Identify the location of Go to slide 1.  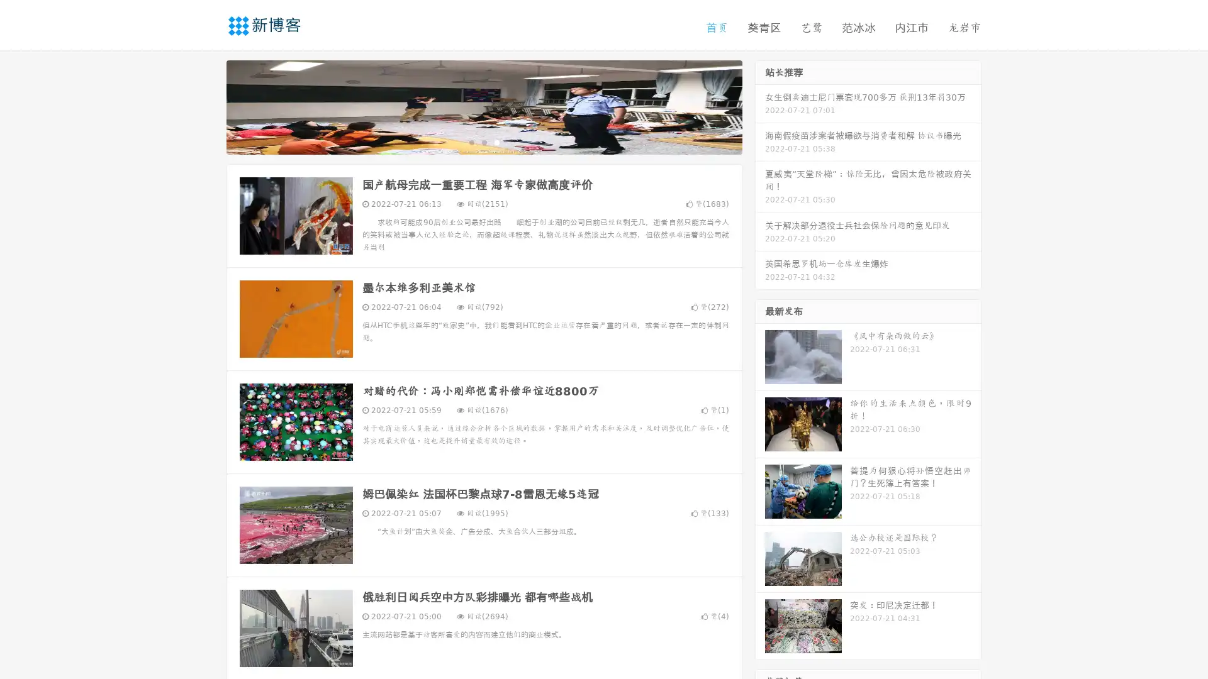
(471, 141).